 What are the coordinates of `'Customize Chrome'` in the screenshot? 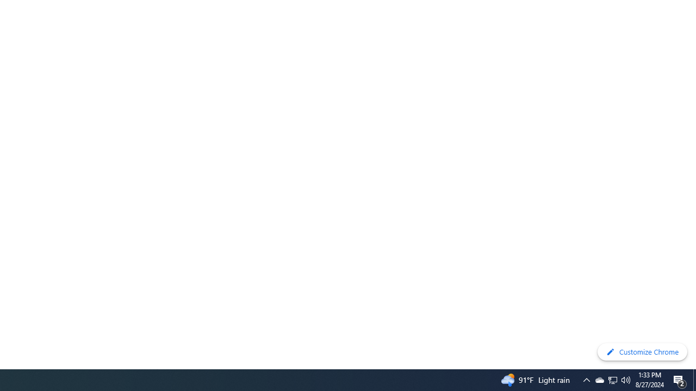 It's located at (642, 352).